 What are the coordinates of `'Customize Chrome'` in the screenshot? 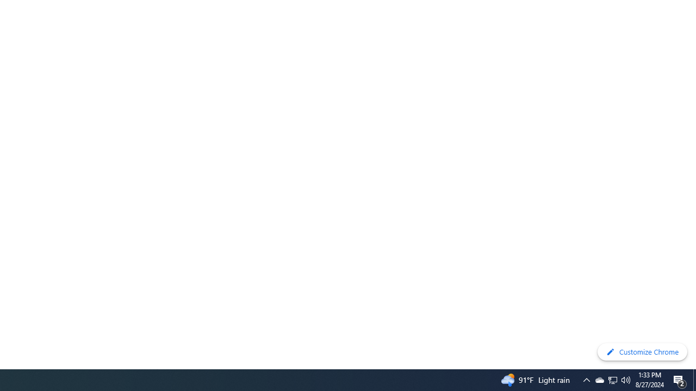 It's located at (642, 352).